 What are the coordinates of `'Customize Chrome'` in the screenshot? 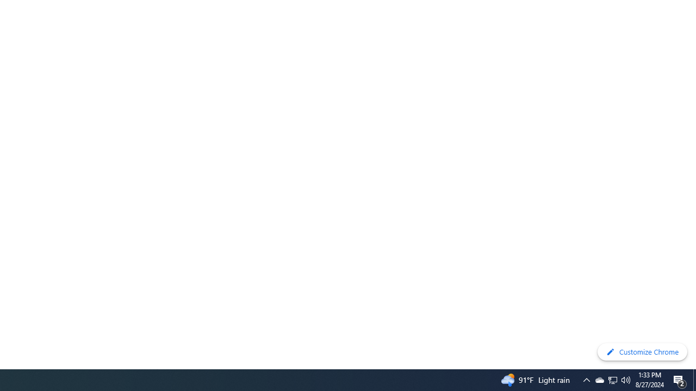 It's located at (642, 352).